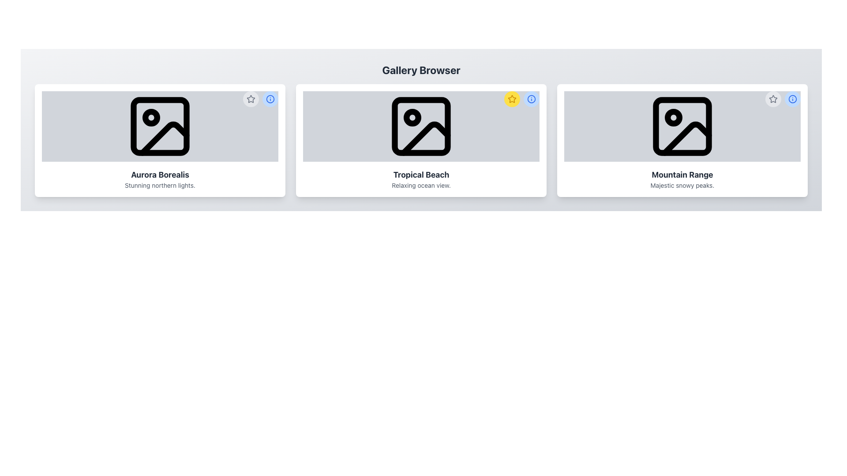 Image resolution: width=847 pixels, height=476 pixels. I want to click on the circular blue info icon located at the top right corner of the 'Tropical Beach' card, so click(531, 99).